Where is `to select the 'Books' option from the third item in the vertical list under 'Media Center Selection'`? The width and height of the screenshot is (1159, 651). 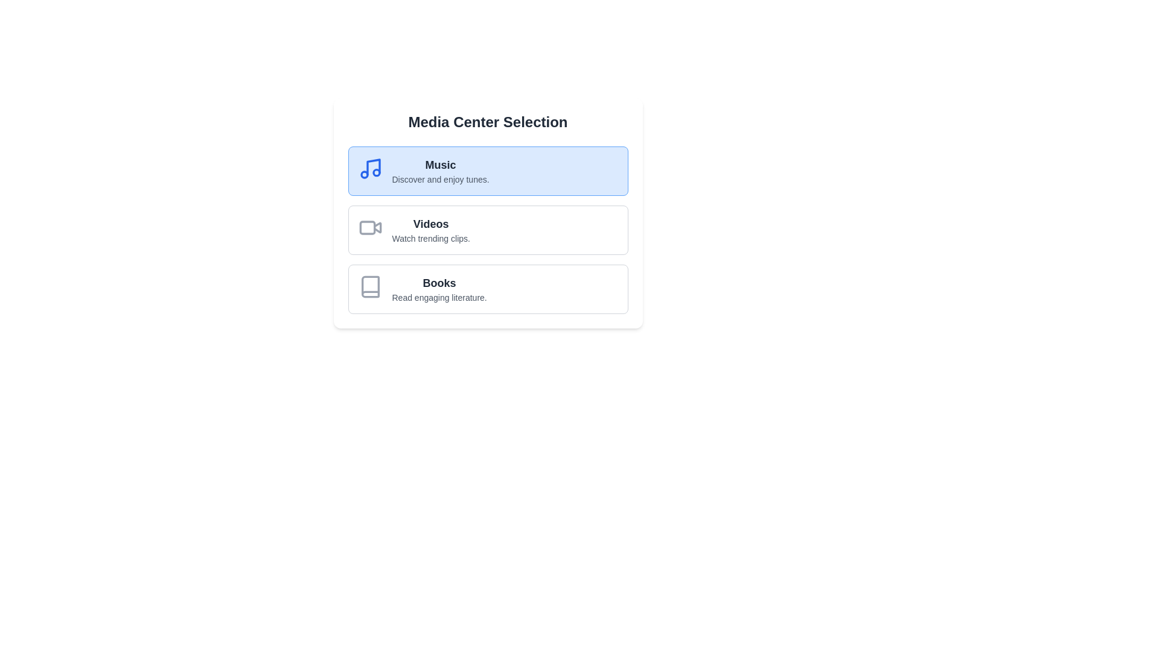
to select the 'Books' option from the third item in the vertical list under 'Media Center Selection' is located at coordinates (488, 289).